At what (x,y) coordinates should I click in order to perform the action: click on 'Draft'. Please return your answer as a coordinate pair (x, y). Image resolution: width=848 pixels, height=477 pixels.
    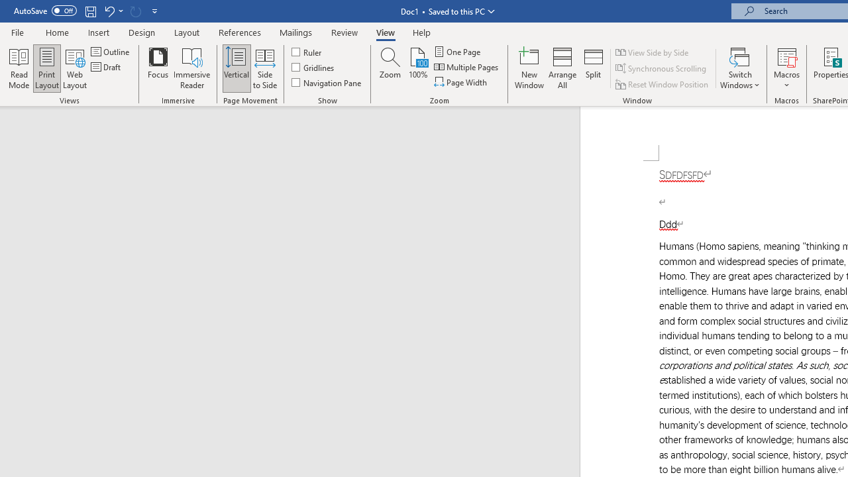
    Looking at the image, I should click on (107, 67).